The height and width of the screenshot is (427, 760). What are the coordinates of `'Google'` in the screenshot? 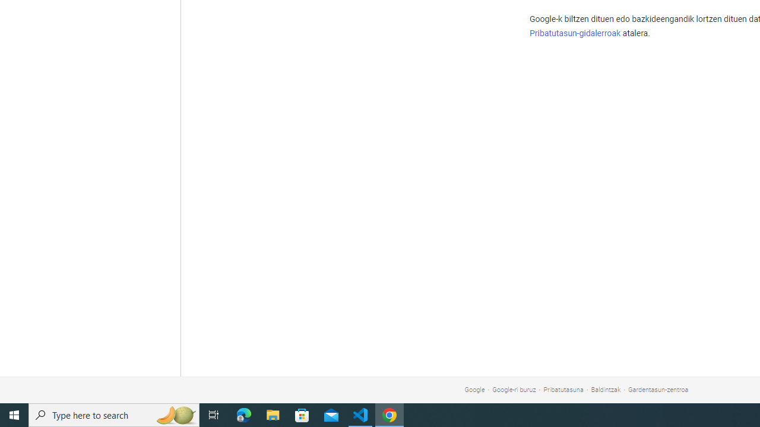 It's located at (474, 390).